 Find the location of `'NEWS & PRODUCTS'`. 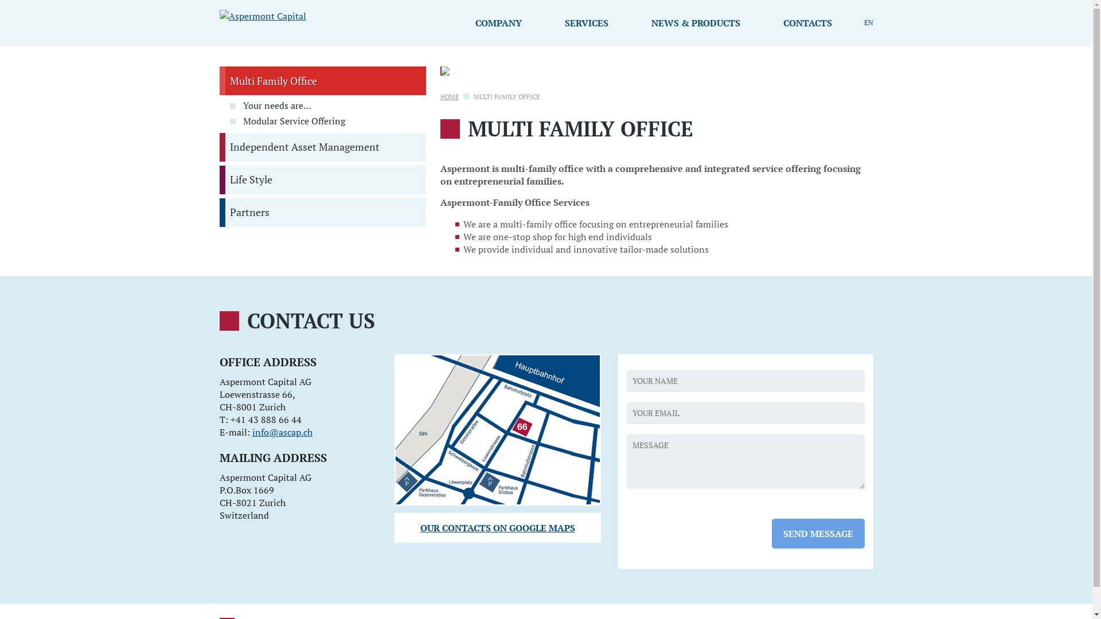

'NEWS & PRODUCTS' is located at coordinates (633, 22).